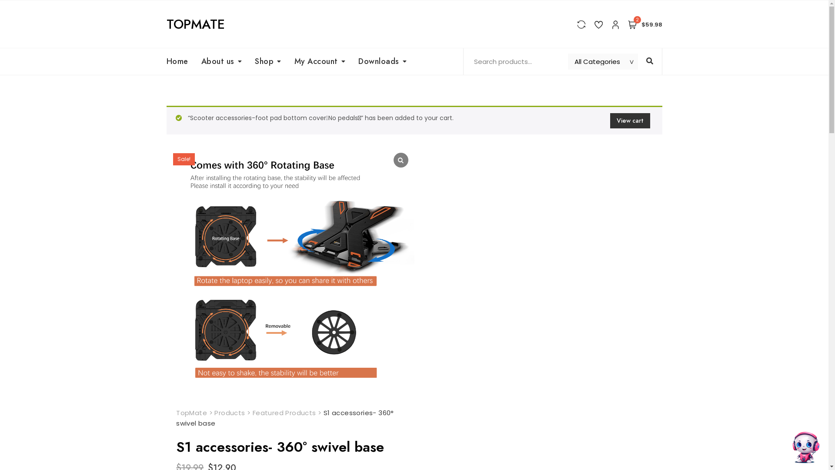  What do you see at coordinates (319, 61) in the screenshot?
I see `'My Account'` at bounding box center [319, 61].